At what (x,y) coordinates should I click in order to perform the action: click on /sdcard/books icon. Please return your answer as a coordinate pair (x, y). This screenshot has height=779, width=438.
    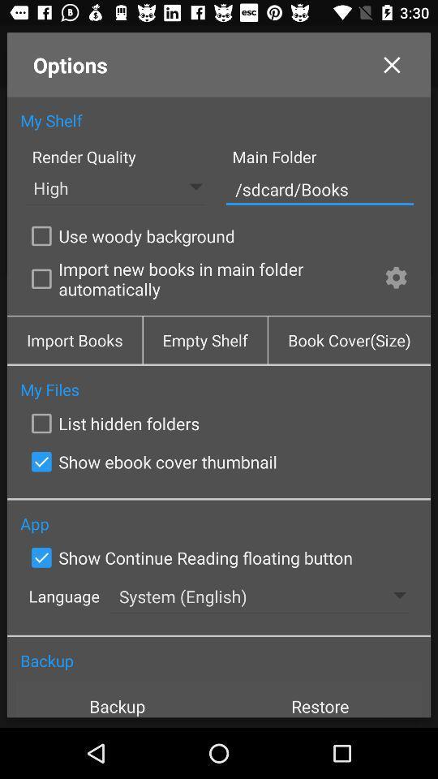
    Looking at the image, I should click on (320, 188).